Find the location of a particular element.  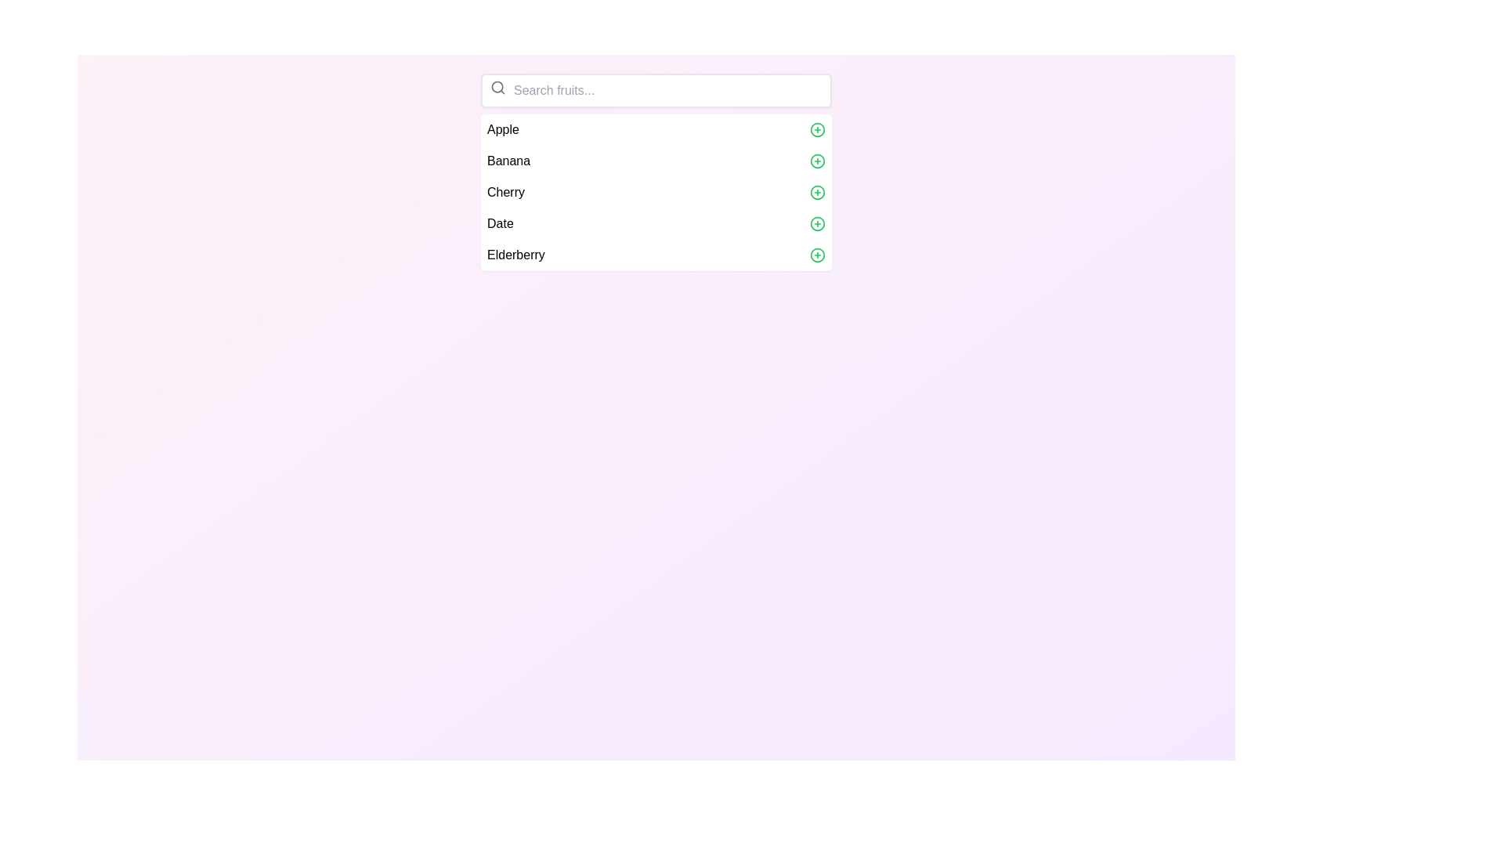

the 'Banana' list item in the fruit selection interface, which is the second item in a vertical list, located within a white, rounded rectangle is located at coordinates (656, 161).